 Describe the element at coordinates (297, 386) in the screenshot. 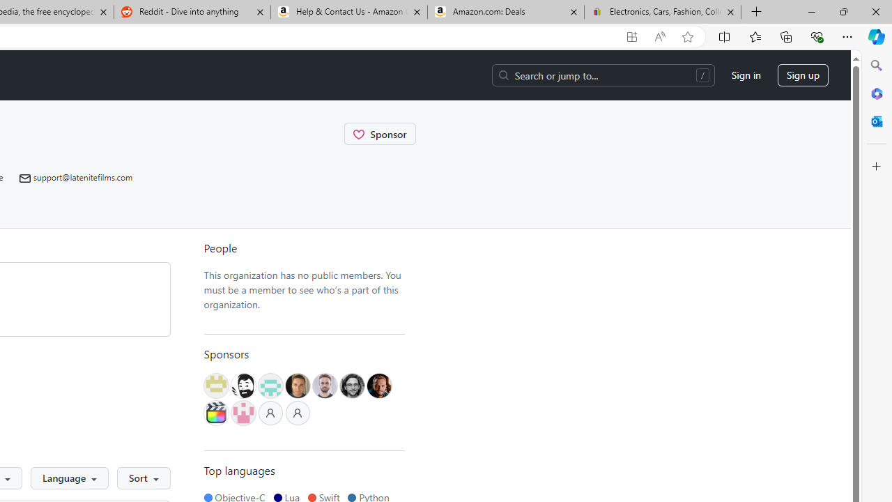

I see `'@lamer40'` at that location.